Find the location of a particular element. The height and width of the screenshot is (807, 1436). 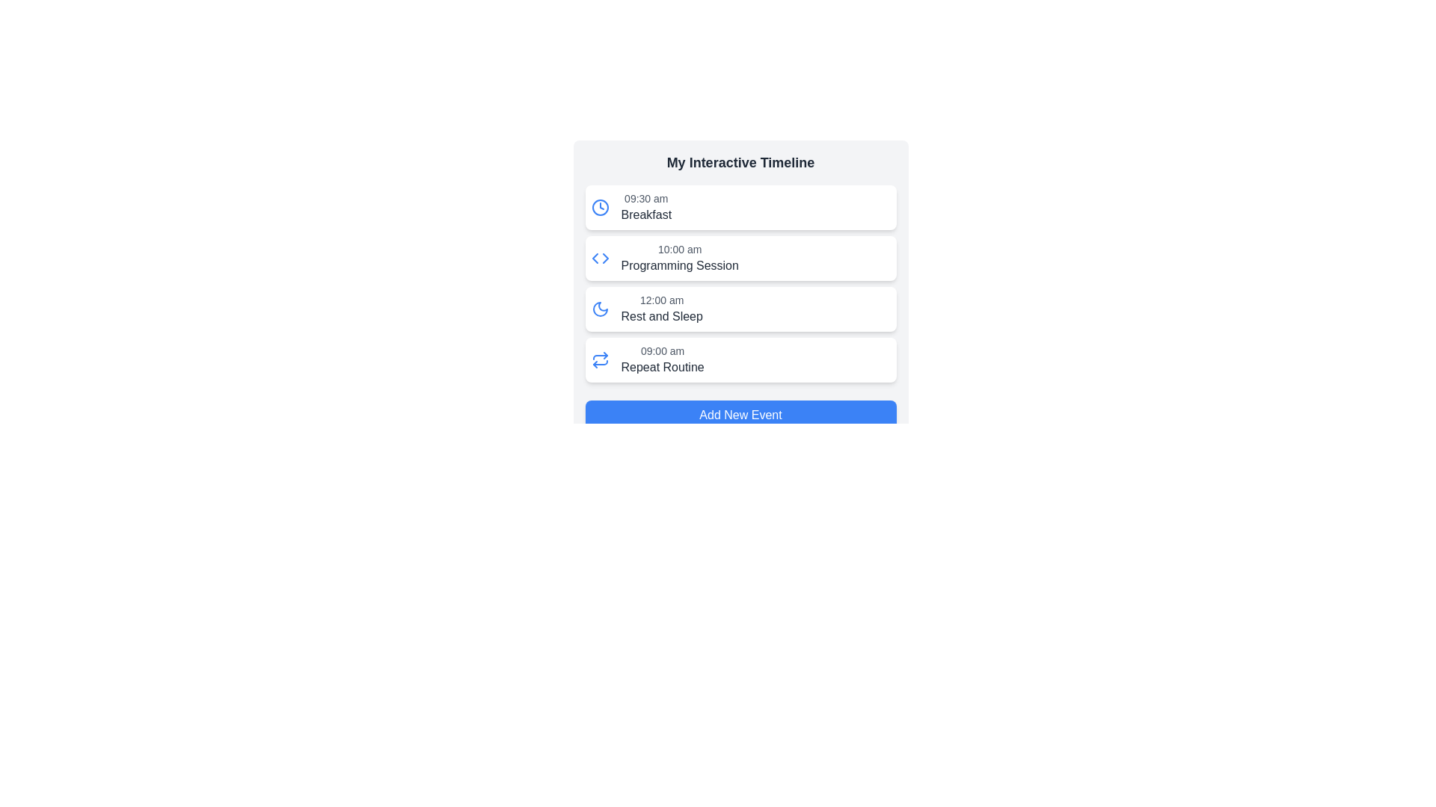

the circular SVG element within the clock icon, which is positioned to the left of the '9:30 am Breakfast' text is located at coordinates (600, 207).